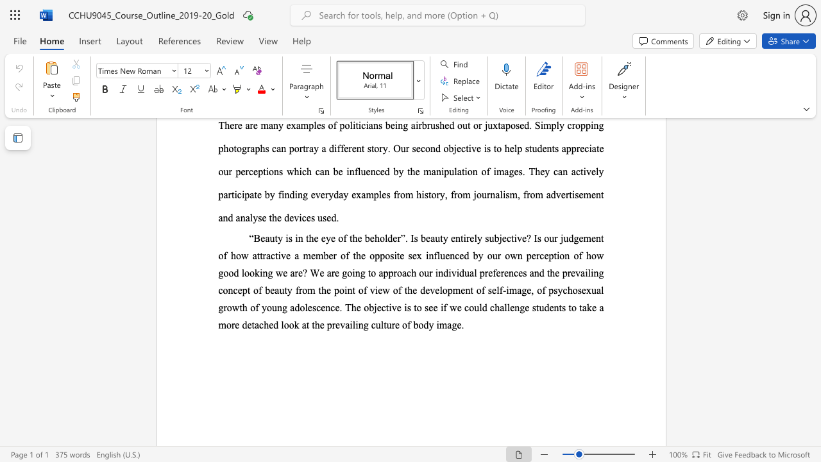  Describe the element at coordinates (377, 290) in the screenshot. I see `the subset text "ew of the development of self-image, of psychosexual growth of young adolescence. The objective is to se" within the text "“Beauty is in the eye of the beholder”. Is beauty entirely subjective? Is our judgement of how attractive a member of the opposite sex influenced by our own perception of how good looking we are? We are going to approach our individual preferences and the prevailing concept of beauty from the point of view of the development of self-image, of psychosexual growth of young adolescence. The objective is to see if we could challenge students to take a more detached look at the prevailing culture of body image."` at that location.